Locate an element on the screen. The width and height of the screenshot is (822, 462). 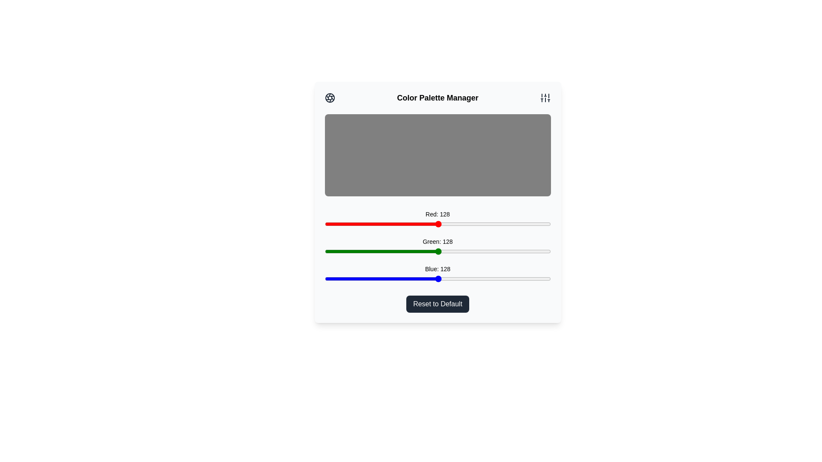
the blue slider to set the blue intensity to 161 is located at coordinates (467, 278).